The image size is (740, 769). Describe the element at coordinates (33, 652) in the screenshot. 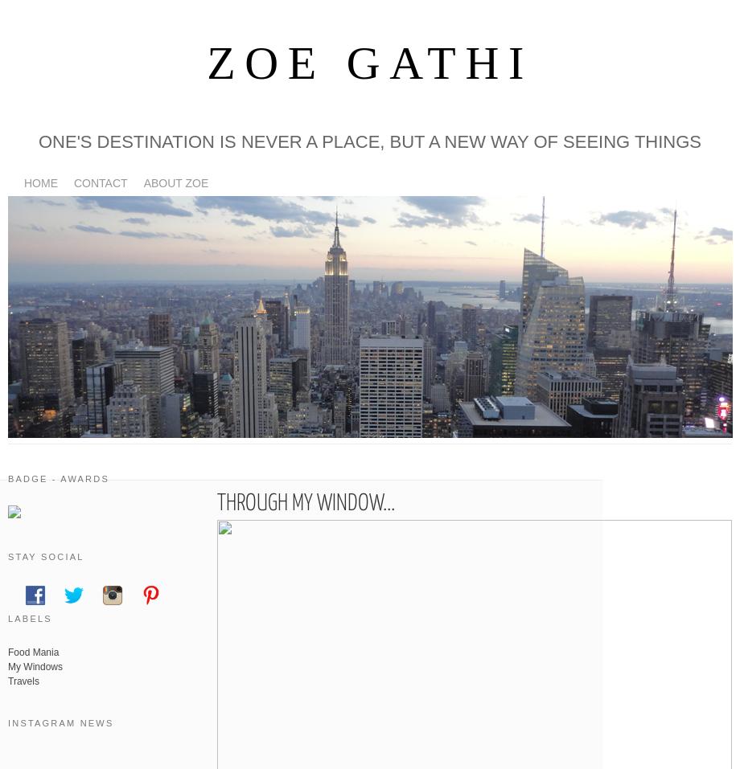

I see `'Food Mania'` at that location.